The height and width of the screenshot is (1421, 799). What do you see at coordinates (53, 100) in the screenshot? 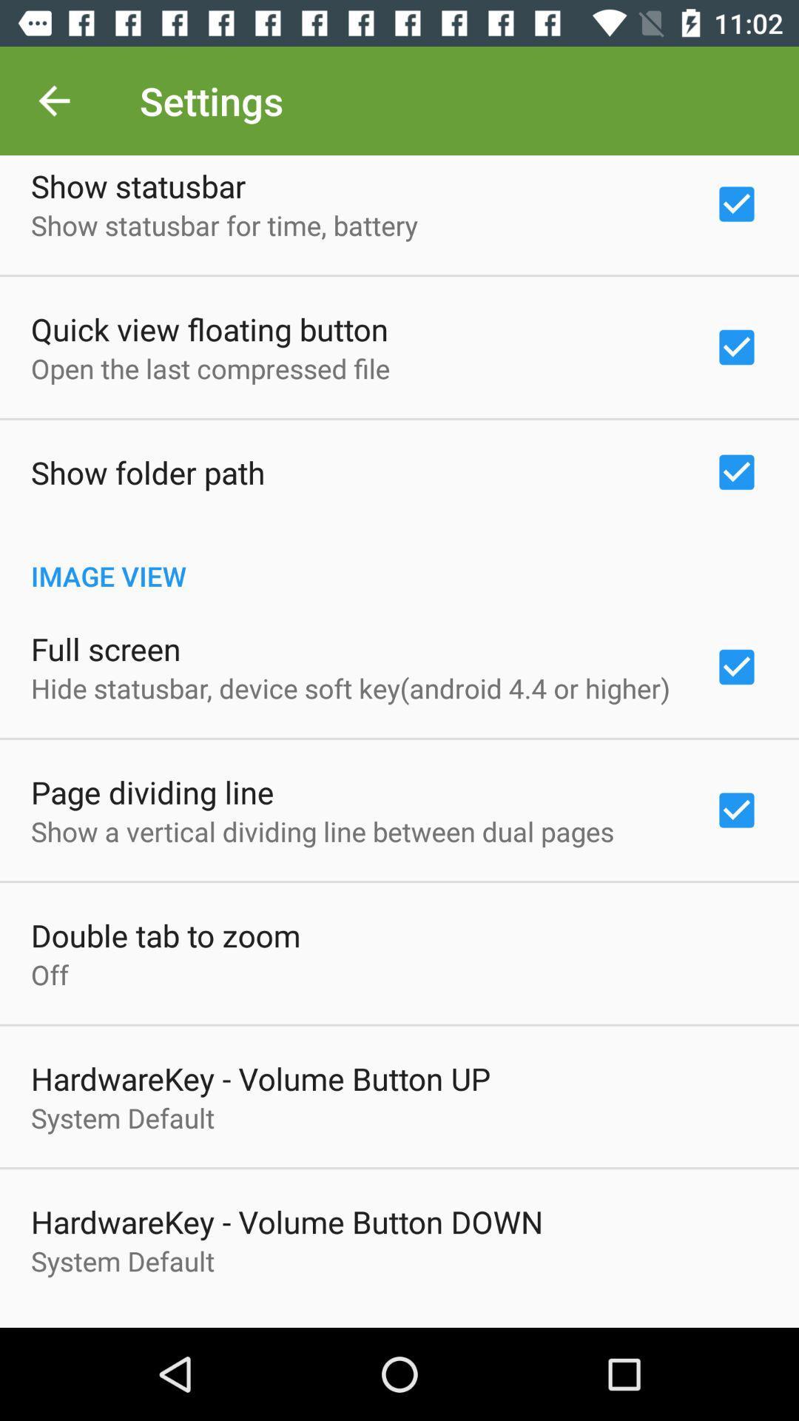
I see `go back` at bounding box center [53, 100].